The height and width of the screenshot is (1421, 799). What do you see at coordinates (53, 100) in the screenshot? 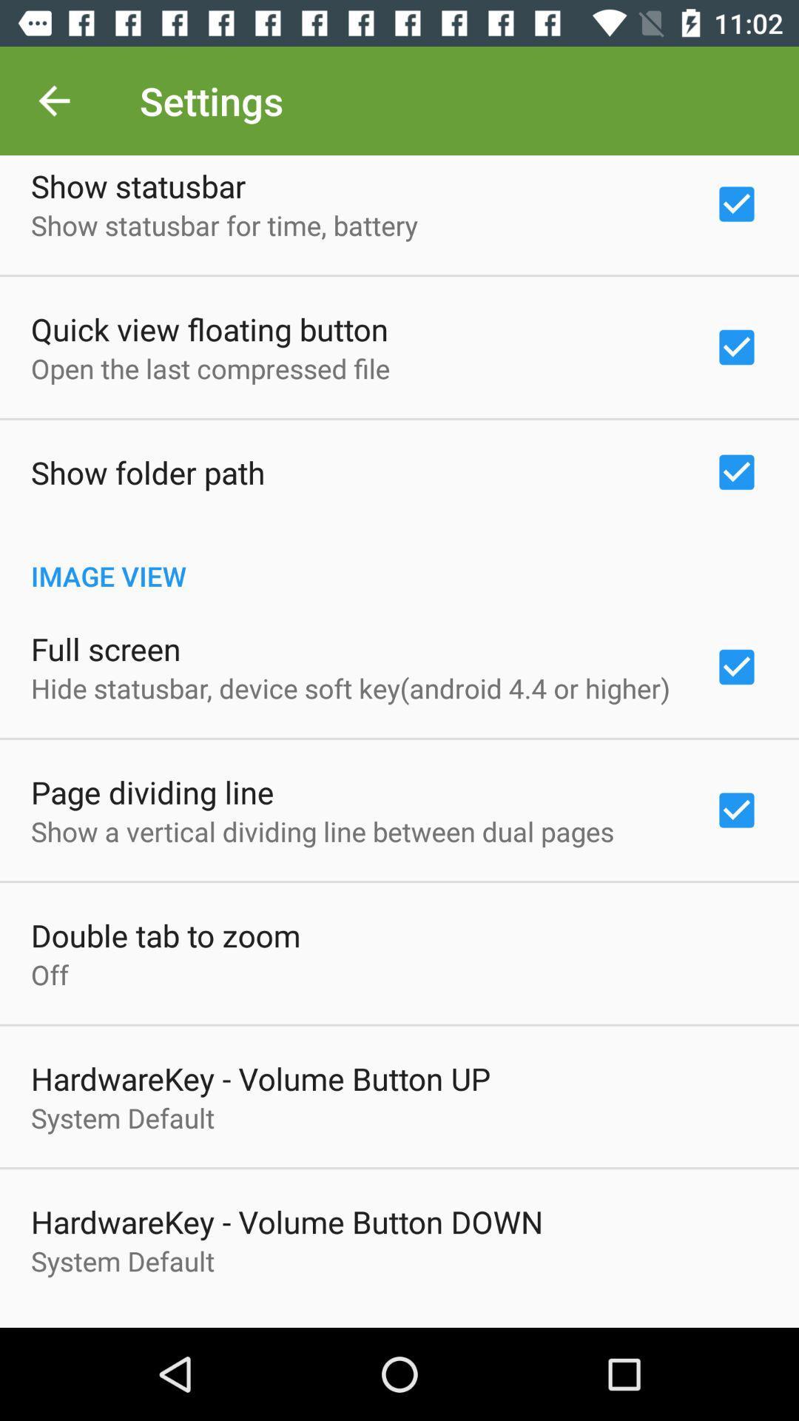
I see `go back` at bounding box center [53, 100].